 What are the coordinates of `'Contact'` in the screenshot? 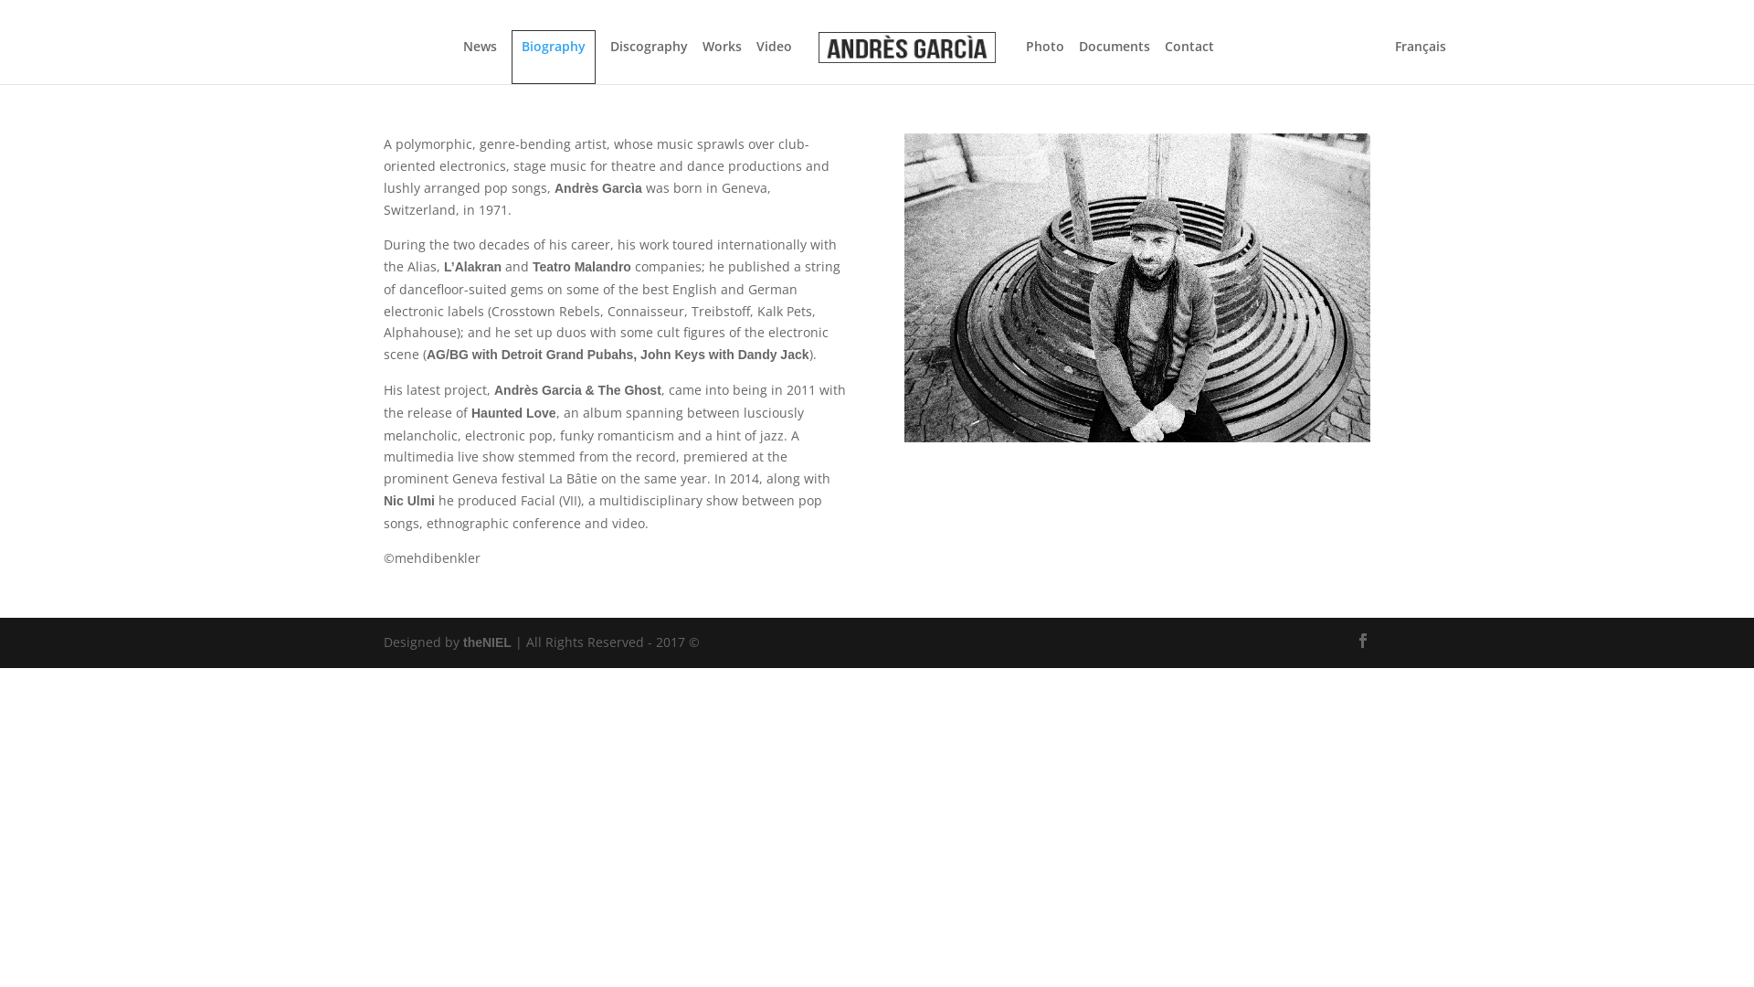 It's located at (1164, 60).